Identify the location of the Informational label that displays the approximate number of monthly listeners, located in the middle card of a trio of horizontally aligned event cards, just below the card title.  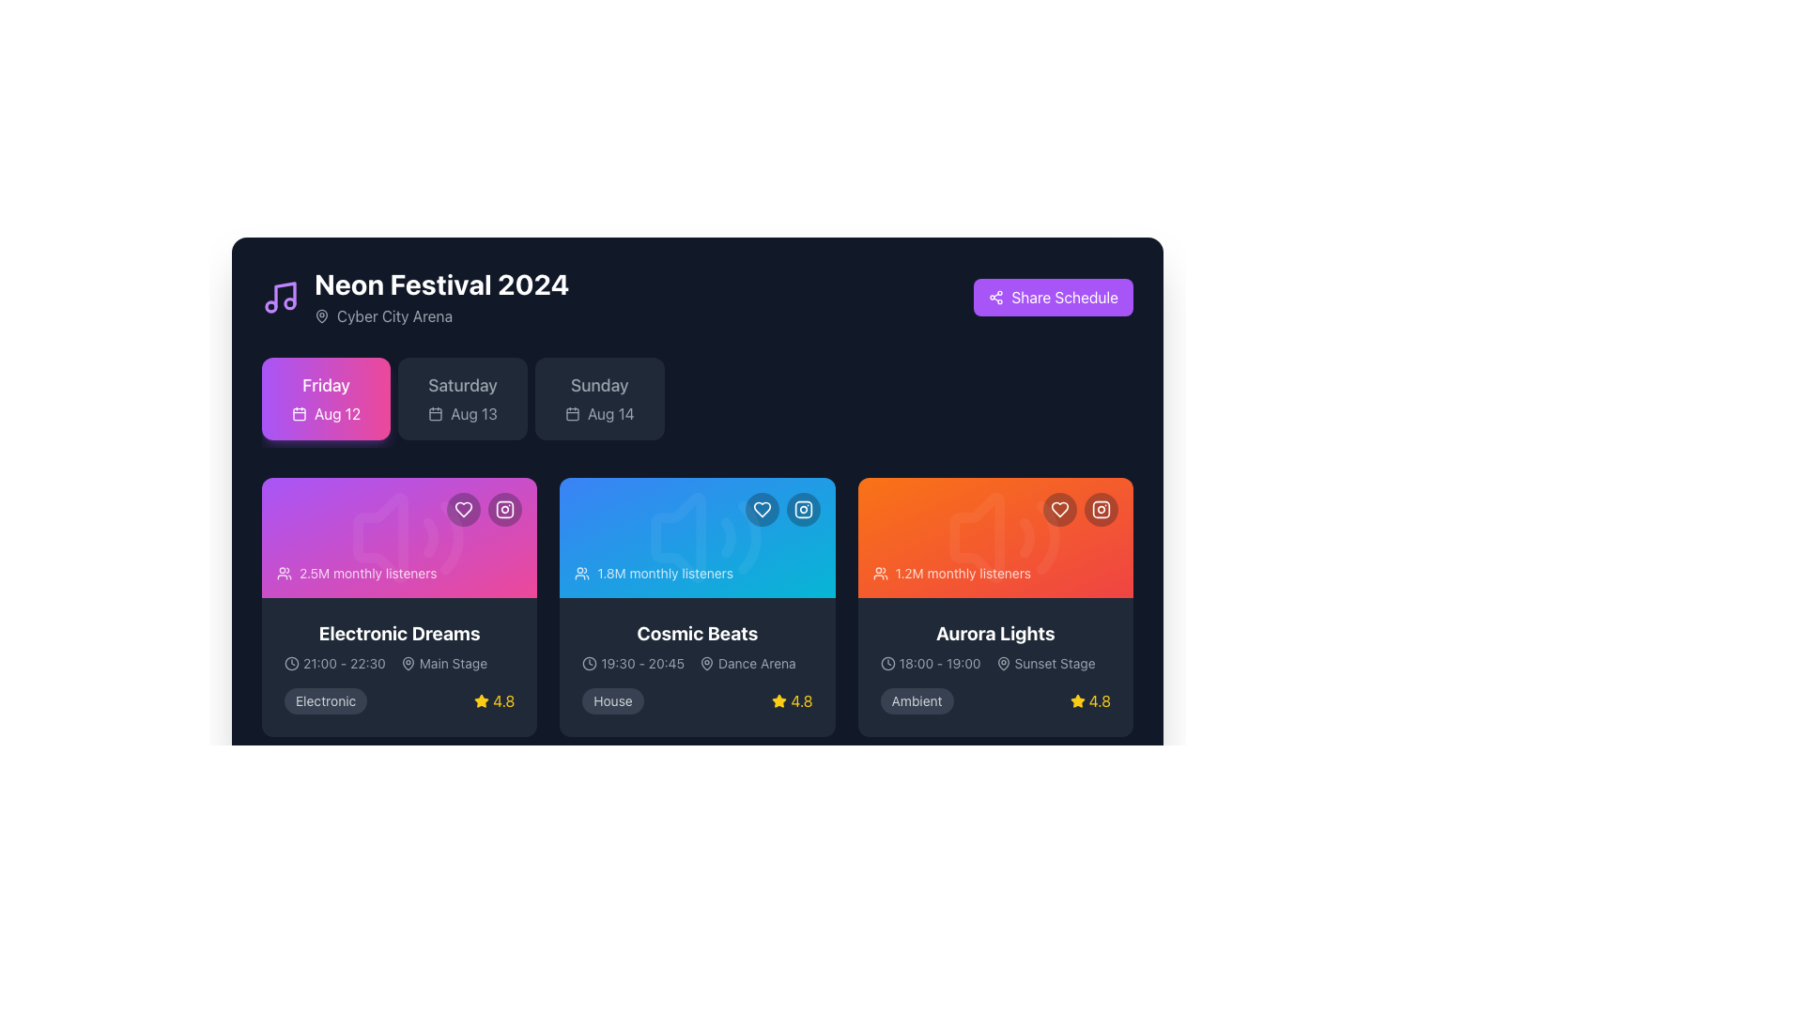
(654, 572).